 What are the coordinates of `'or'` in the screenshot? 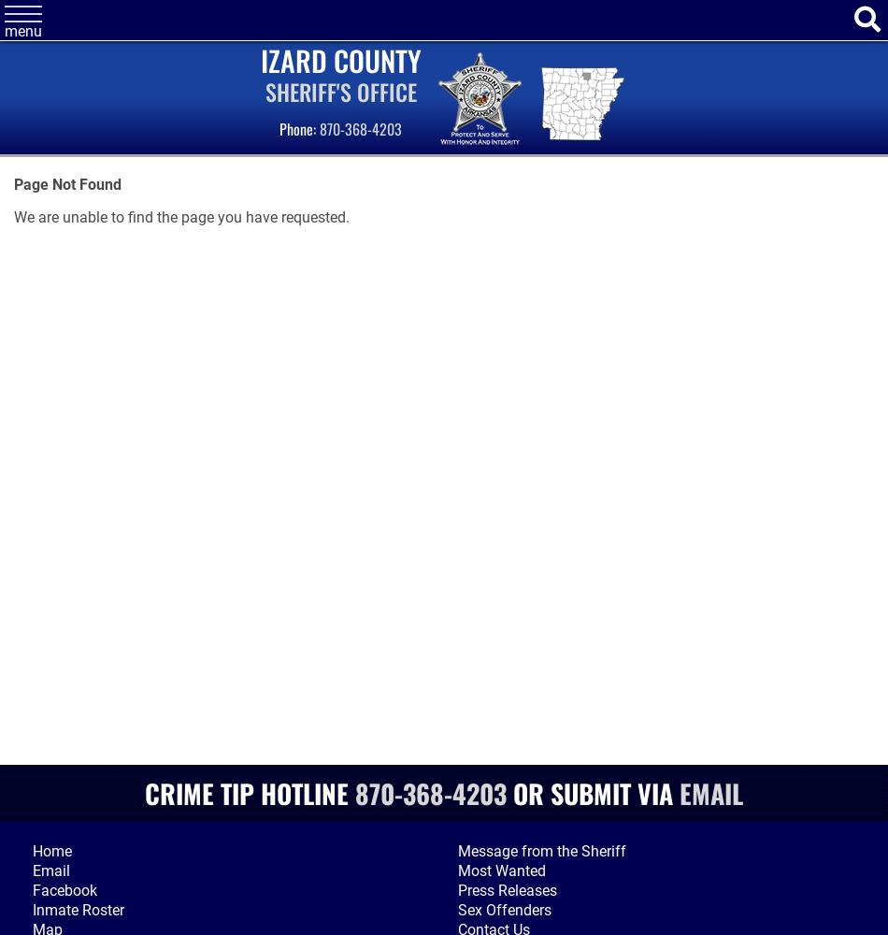 It's located at (506, 792).